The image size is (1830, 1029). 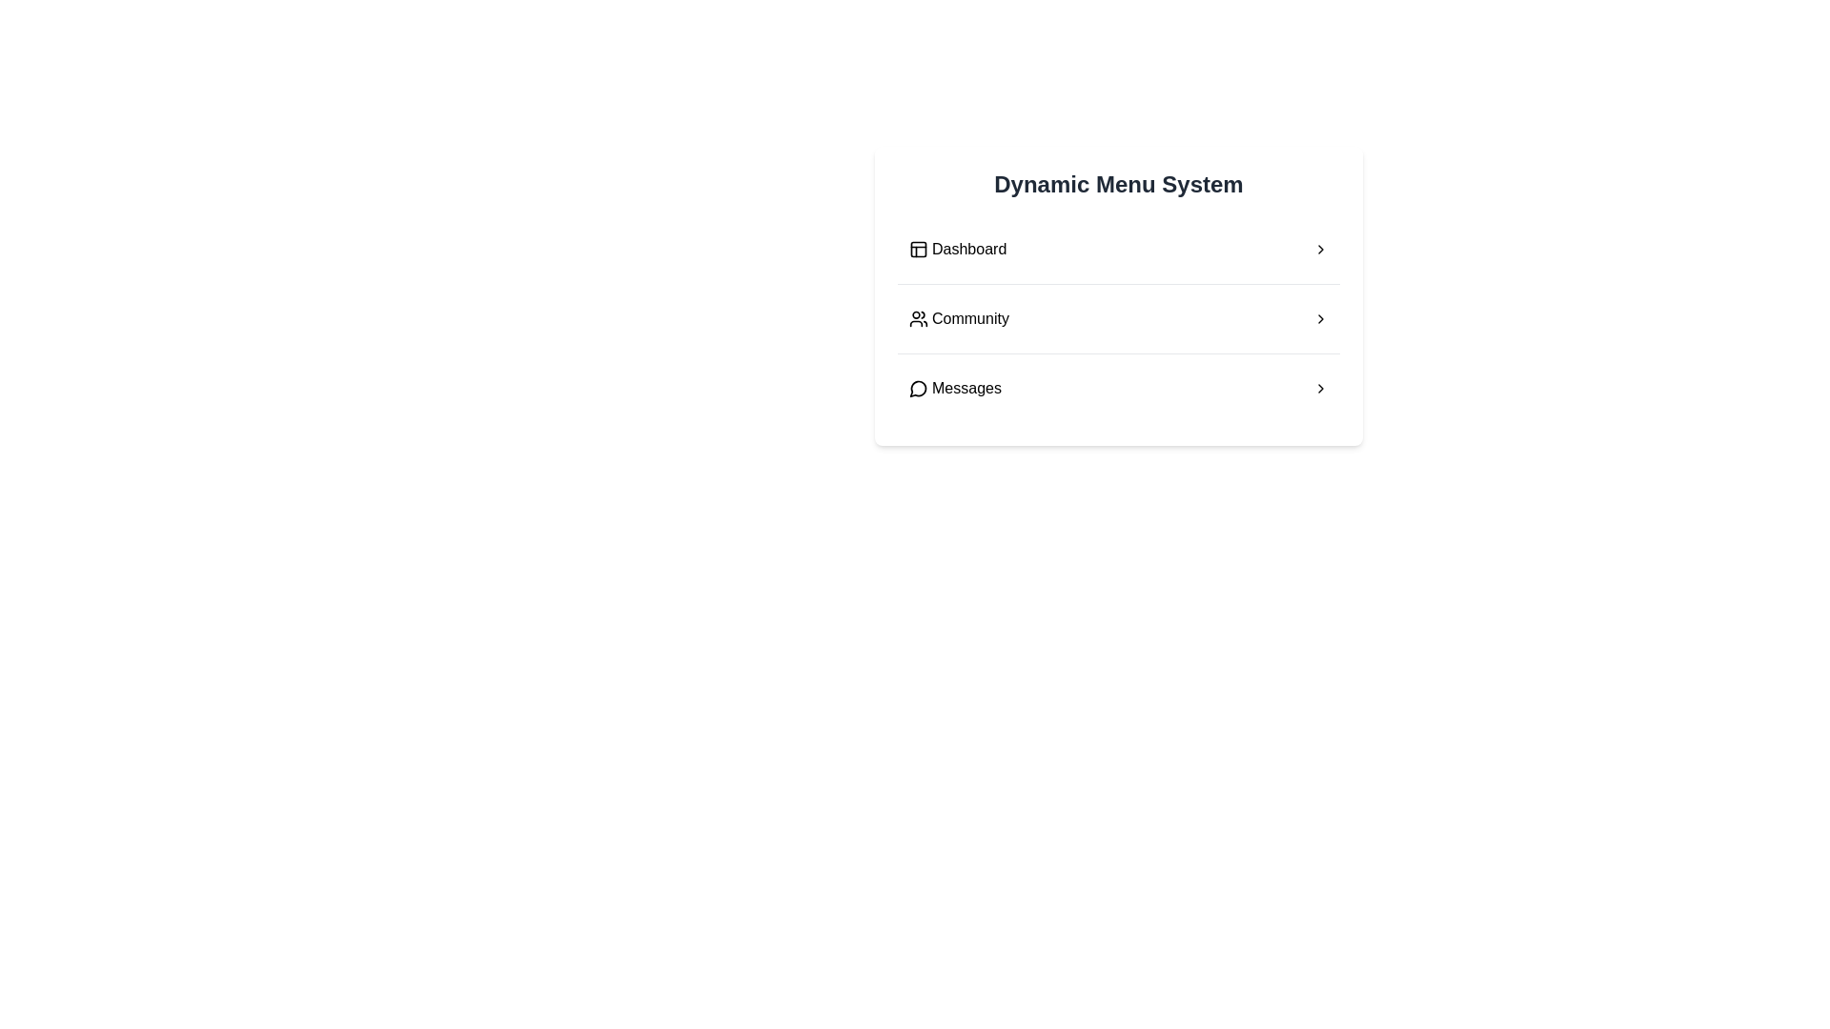 I want to click on the 'Dashboard' menu item, which is the first item in the vertical navigation menu, so click(x=958, y=249).